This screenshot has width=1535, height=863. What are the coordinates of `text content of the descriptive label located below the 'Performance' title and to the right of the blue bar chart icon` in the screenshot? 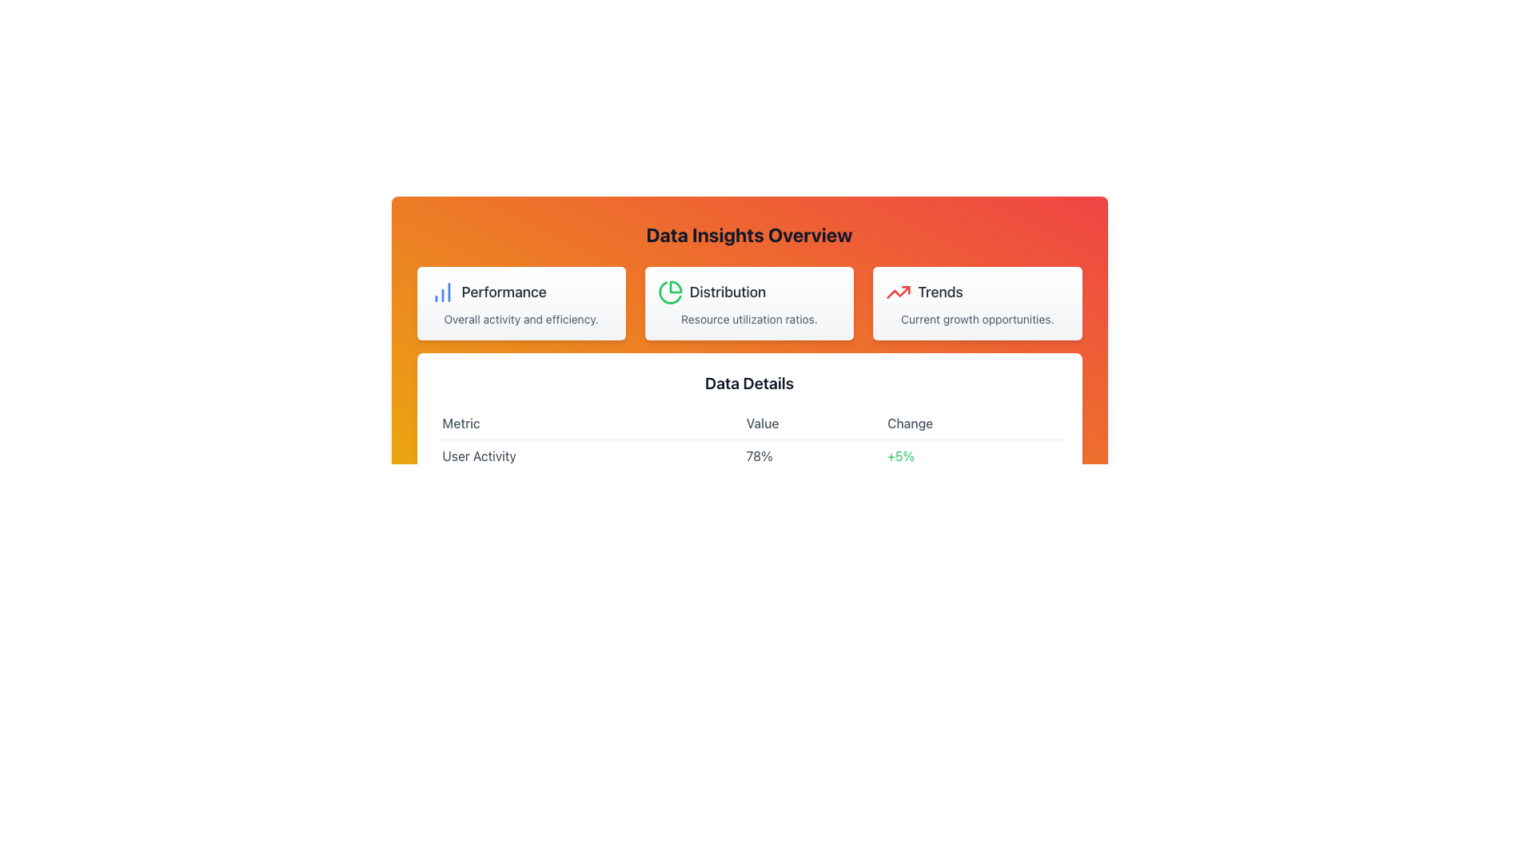 It's located at (521, 320).